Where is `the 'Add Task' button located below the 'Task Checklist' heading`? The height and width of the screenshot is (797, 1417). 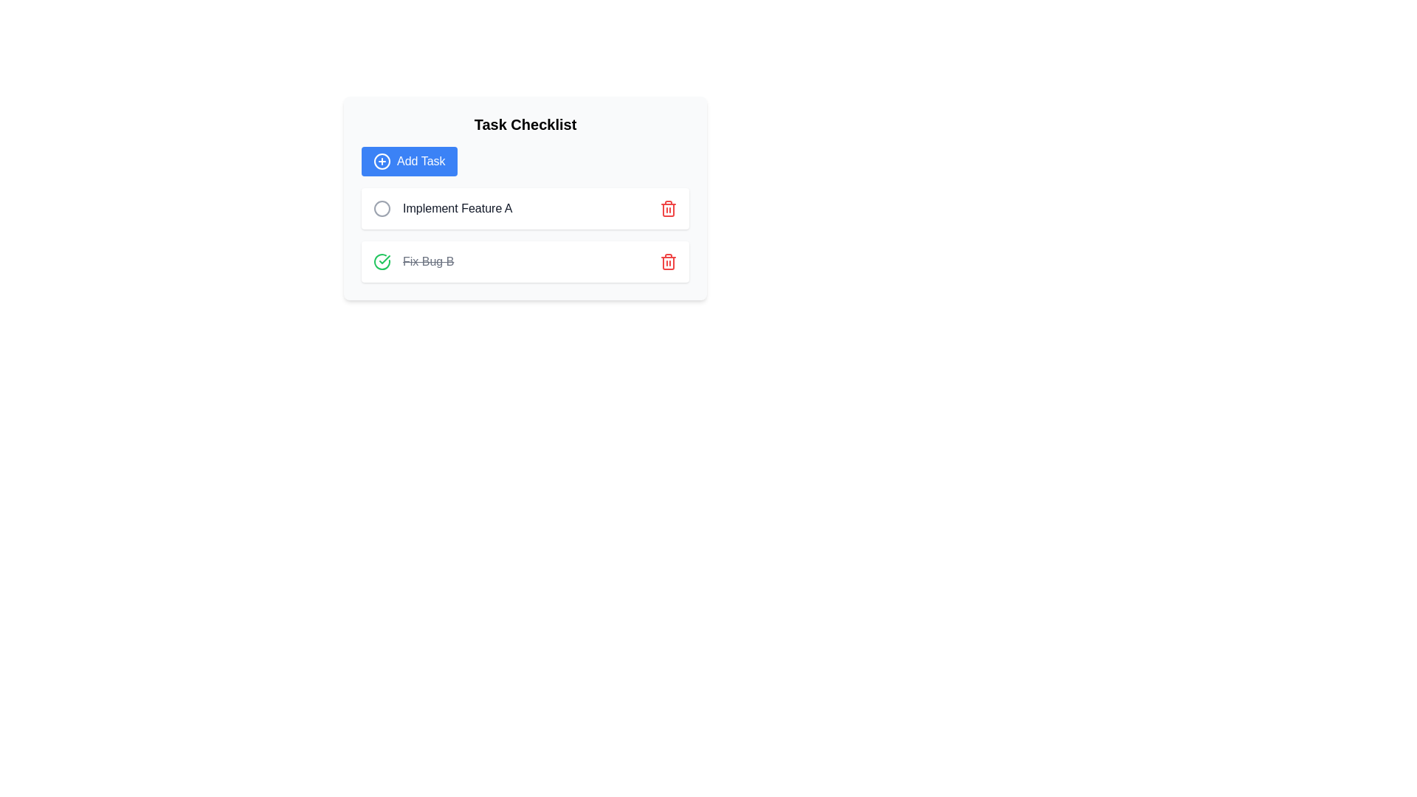 the 'Add Task' button located below the 'Task Checklist' heading is located at coordinates (409, 162).